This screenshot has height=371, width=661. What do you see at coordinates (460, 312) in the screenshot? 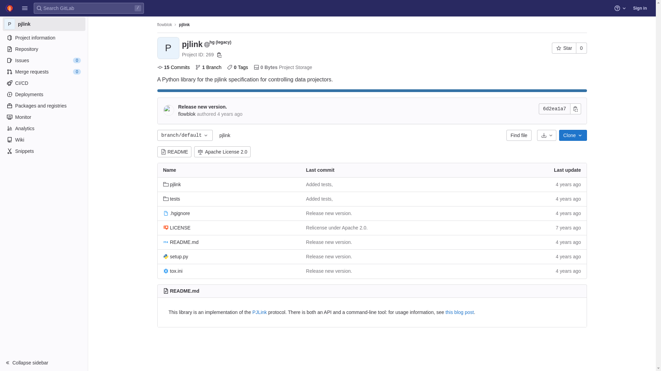
I see `'this blog post'` at bounding box center [460, 312].